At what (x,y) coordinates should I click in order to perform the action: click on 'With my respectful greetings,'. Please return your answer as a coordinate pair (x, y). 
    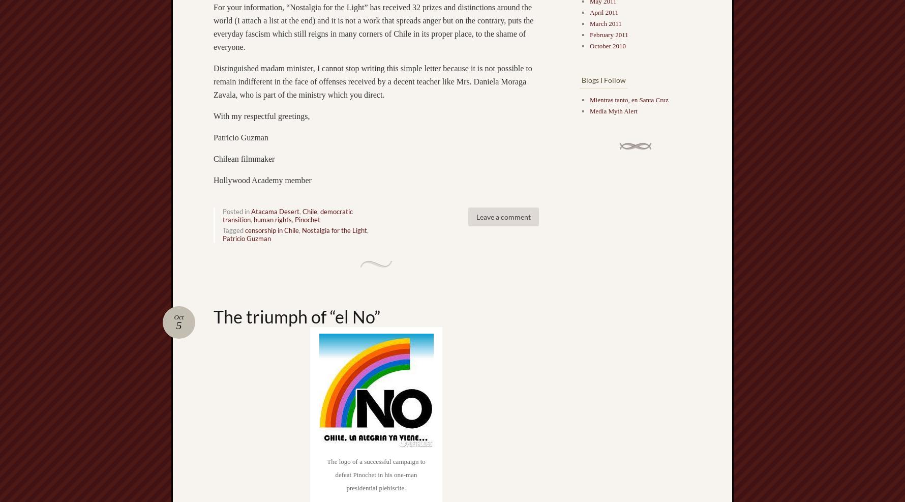
    Looking at the image, I should click on (261, 115).